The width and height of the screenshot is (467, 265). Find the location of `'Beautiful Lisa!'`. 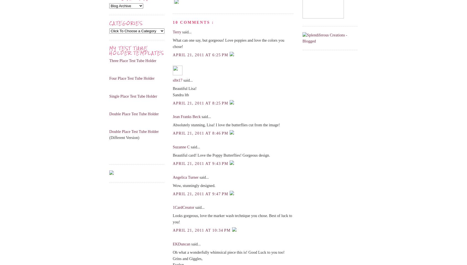

'Beautiful Lisa!' is located at coordinates (173, 88).